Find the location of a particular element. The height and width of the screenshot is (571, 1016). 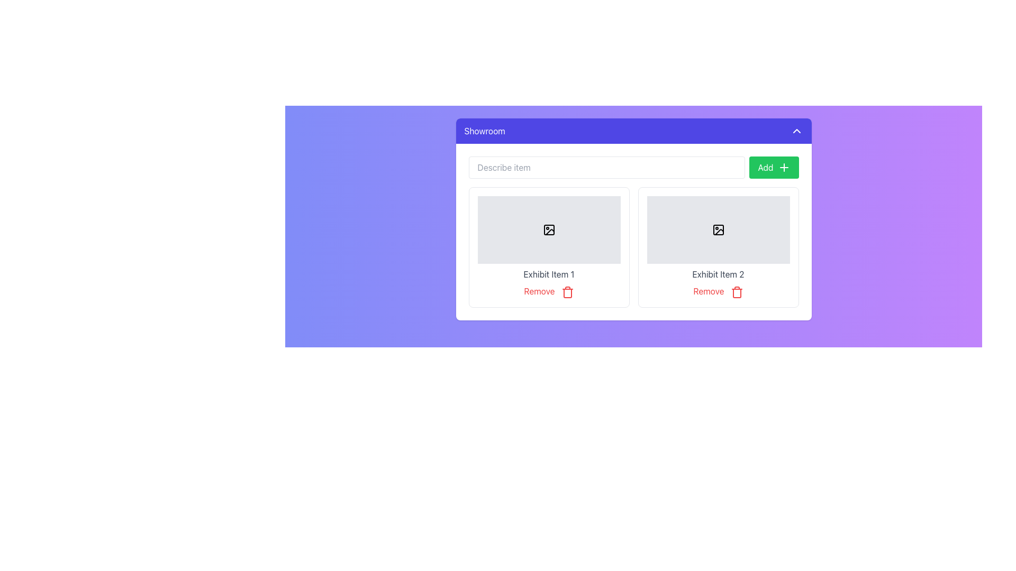

the upward-pointing chevron icon in the top-right corner of the 'Showroom' header bar for accessibility purposes is located at coordinates (796, 130).